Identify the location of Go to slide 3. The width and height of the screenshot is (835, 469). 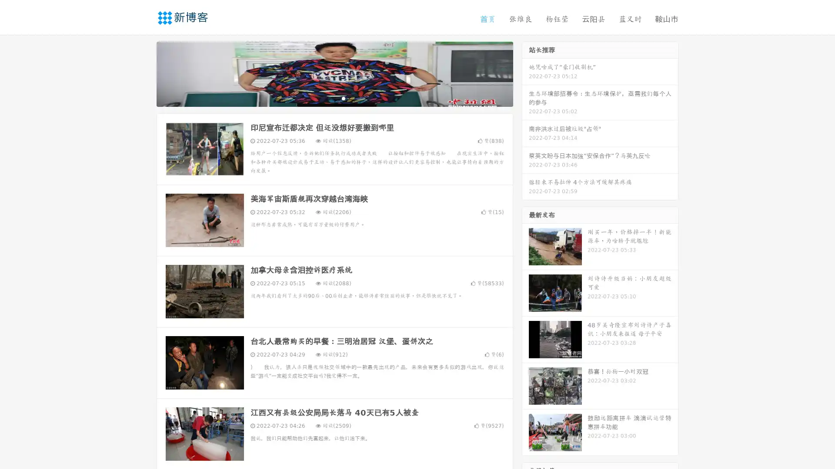
(343, 98).